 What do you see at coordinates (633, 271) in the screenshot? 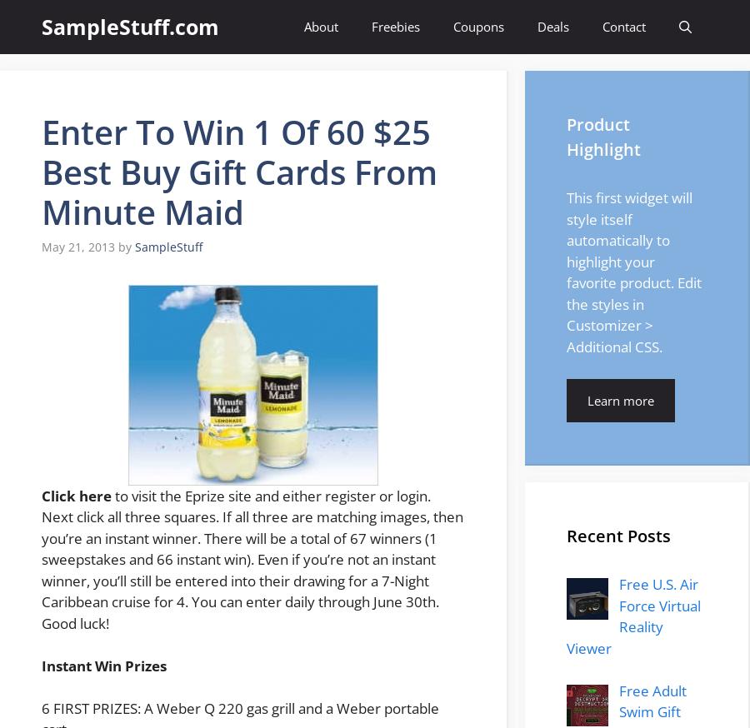
I see `'This first widget will style itself automatically to highlight your favorite product. Edit the styles in Customizer > Additional CSS.'` at bounding box center [633, 271].